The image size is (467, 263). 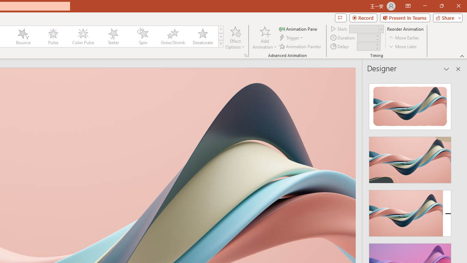 I want to click on 'Teeter', so click(x=112, y=37).